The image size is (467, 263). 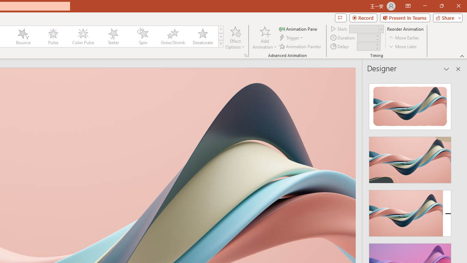 I want to click on 'Teeter', so click(x=112, y=37).